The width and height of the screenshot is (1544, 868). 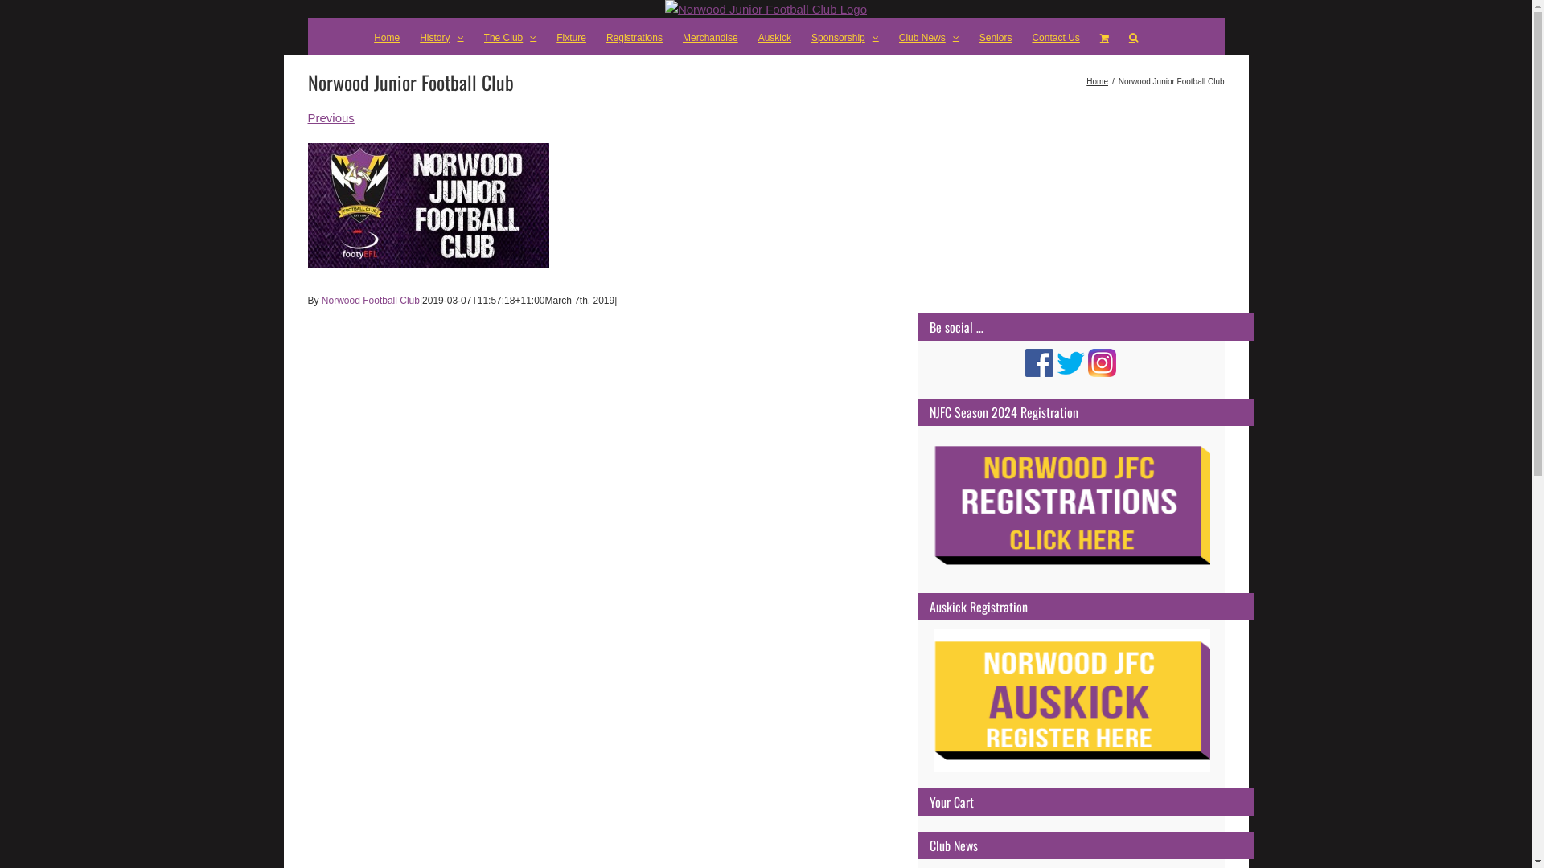 What do you see at coordinates (774, 36) in the screenshot?
I see `'Auskick'` at bounding box center [774, 36].